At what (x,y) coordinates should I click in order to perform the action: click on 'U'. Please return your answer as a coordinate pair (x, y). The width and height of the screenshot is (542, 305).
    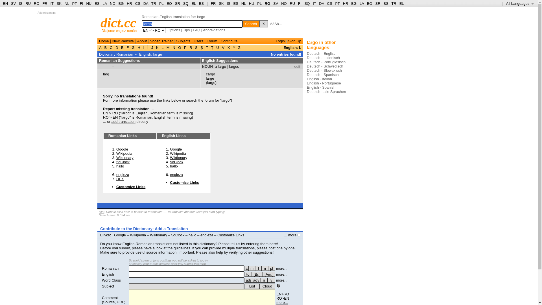
    Looking at the image, I should click on (217, 47).